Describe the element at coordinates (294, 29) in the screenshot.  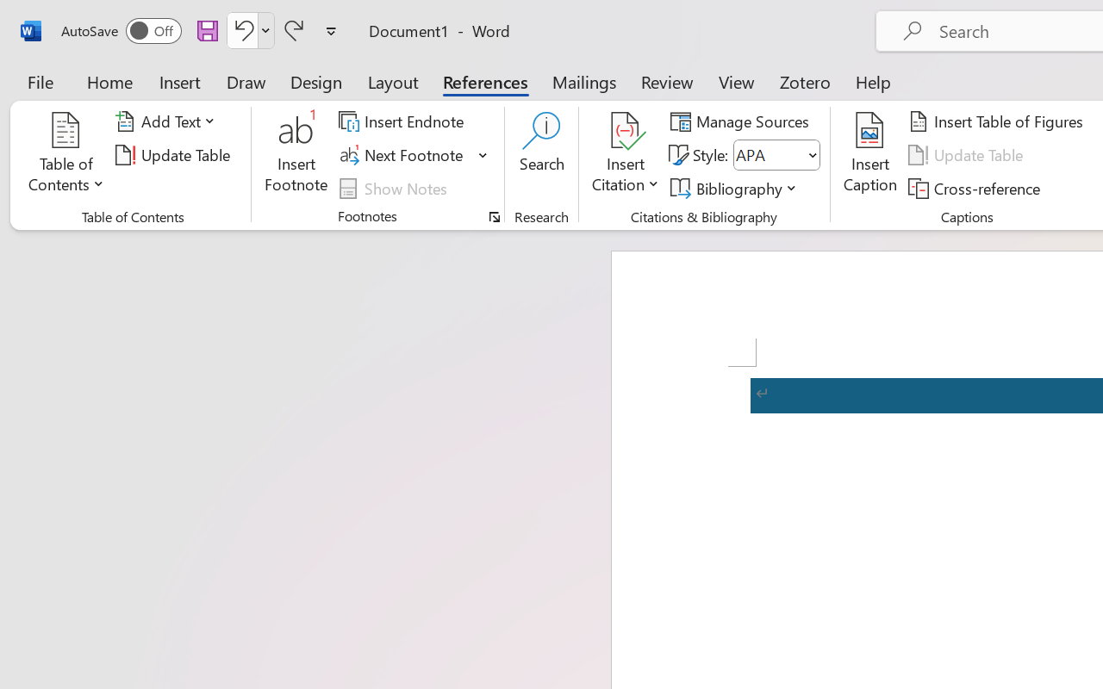
I see `'Redo Apply Quick Style'` at that location.